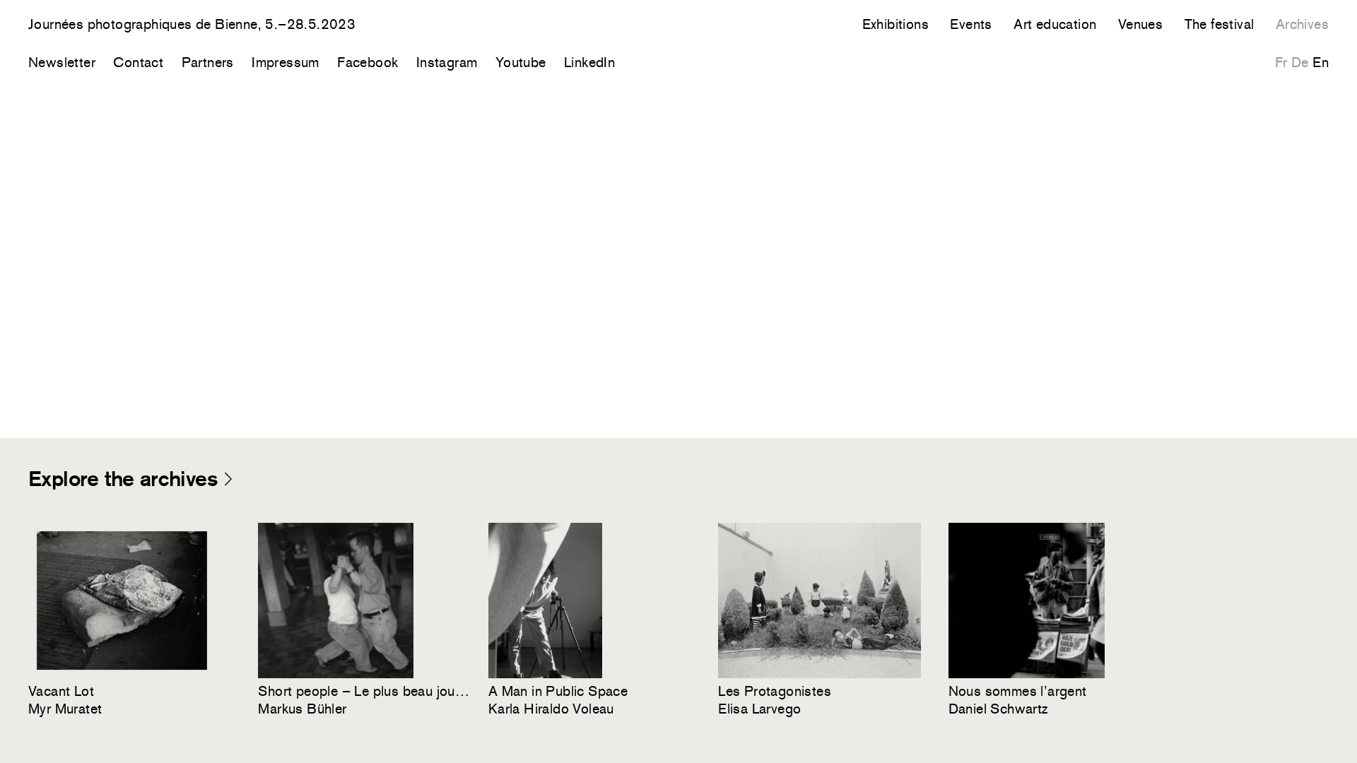 This screenshot has width=1357, height=763. What do you see at coordinates (61, 61) in the screenshot?
I see `'Newsletter'` at bounding box center [61, 61].